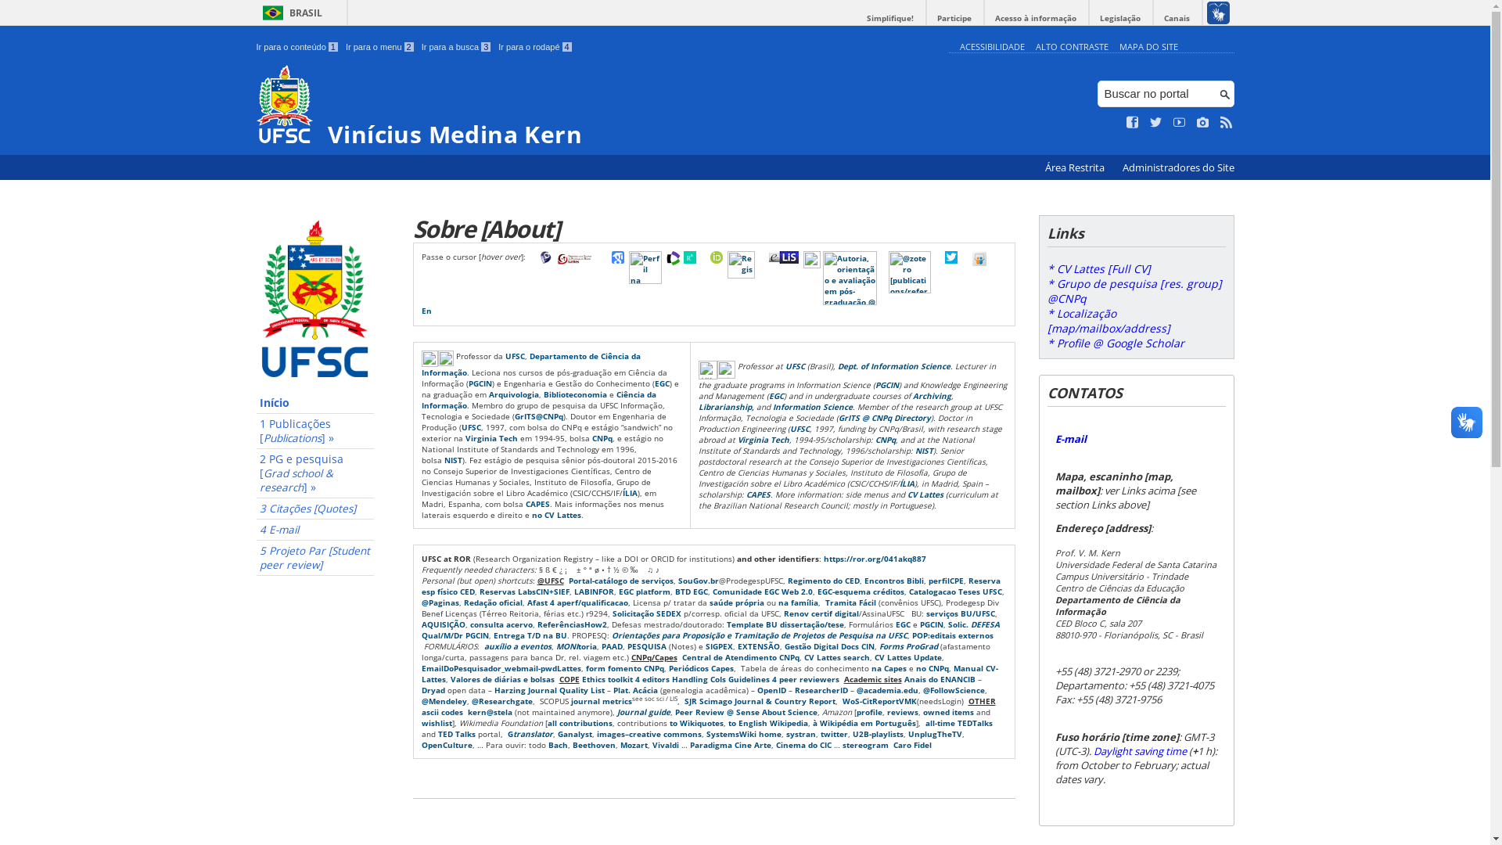 The image size is (1502, 845). Describe the element at coordinates (515, 356) in the screenshot. I see `'UFSC'` at that location.